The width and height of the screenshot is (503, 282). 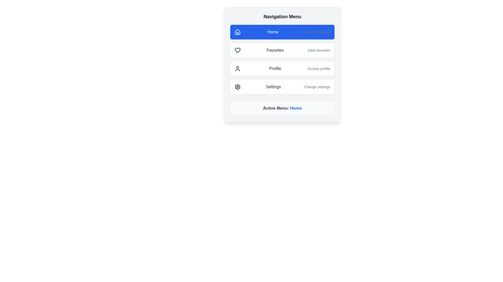 I want to click on the 'Favorites' navigation item in the list of stacked navigation options, which includes icons and descriptions, with the background being white, so click(x=282, y=59).